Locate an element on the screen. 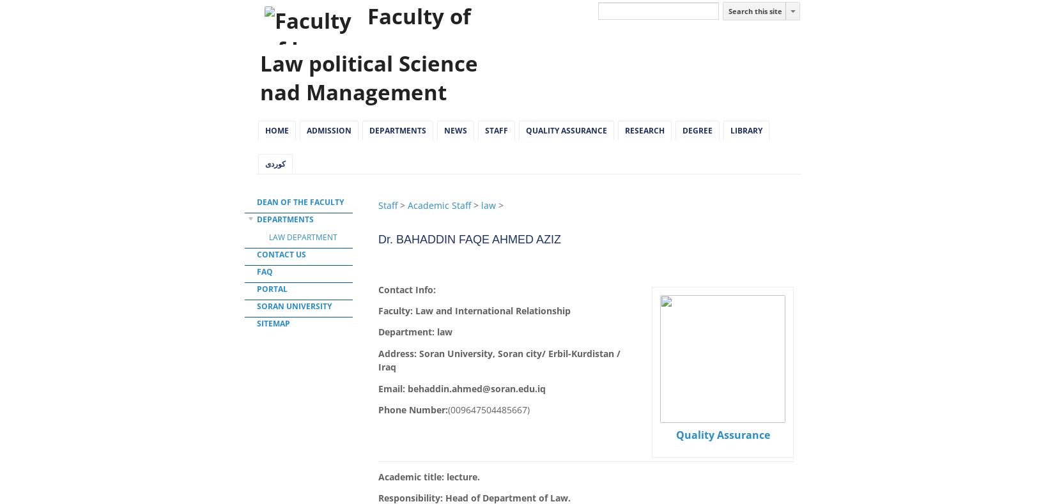 This screenshot has height=504, width=1057. 'Responsibility:
Head of Department of Law.' is located at coordinates (474, 498).